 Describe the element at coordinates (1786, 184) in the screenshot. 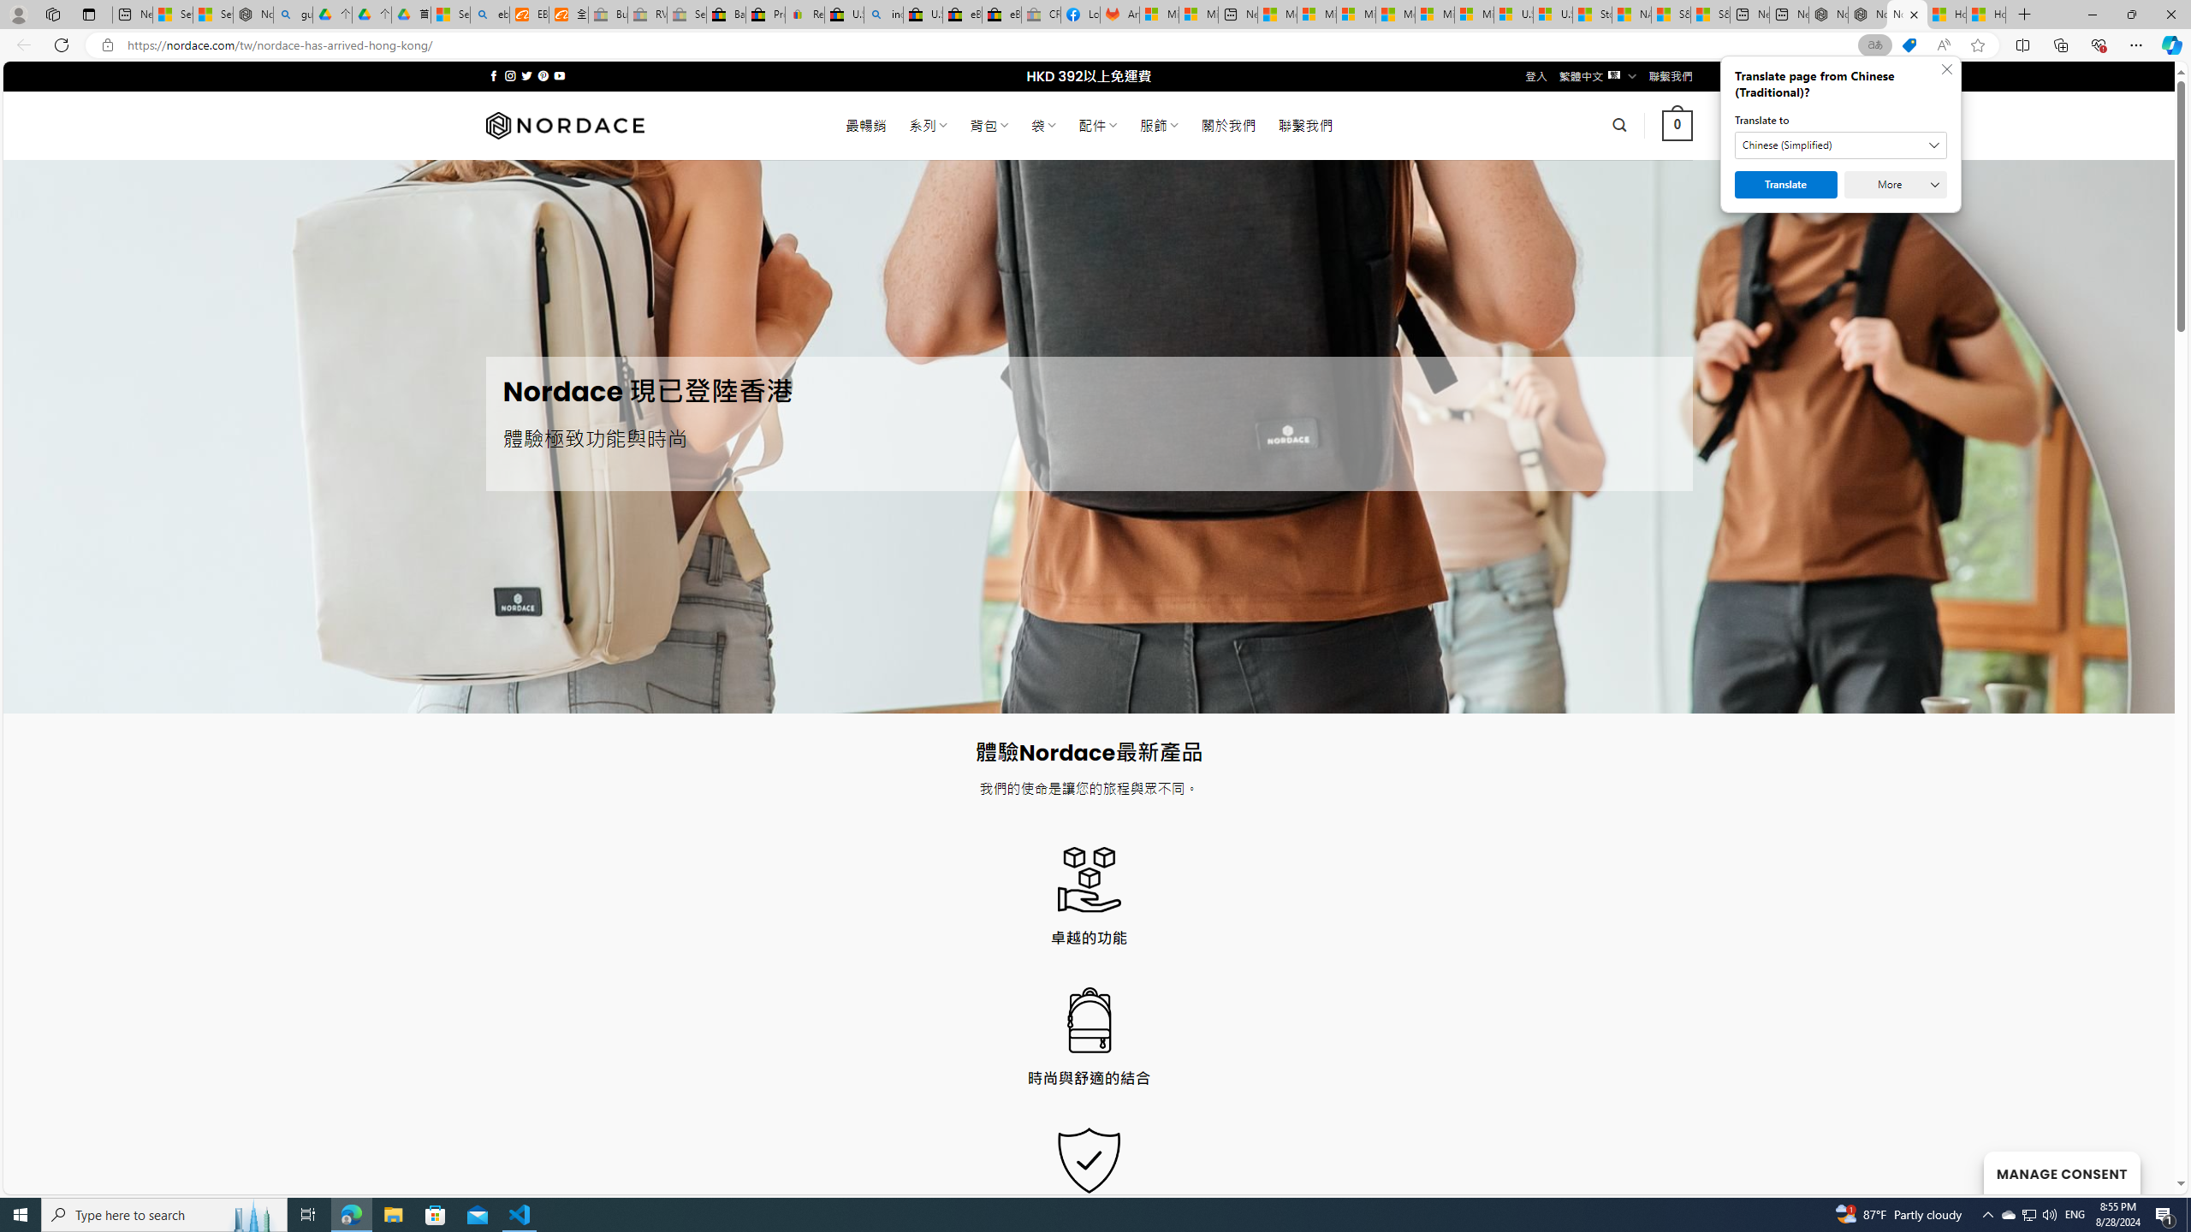

I see `'Translate'` at that location.